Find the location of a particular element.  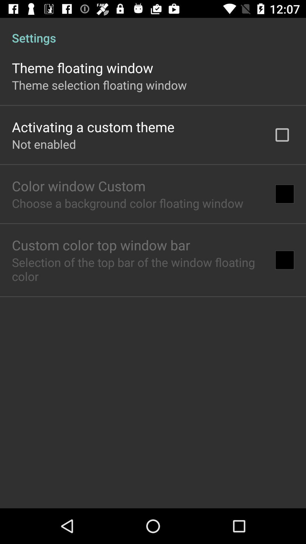

app below settings app is located at coordinates (282, 135).